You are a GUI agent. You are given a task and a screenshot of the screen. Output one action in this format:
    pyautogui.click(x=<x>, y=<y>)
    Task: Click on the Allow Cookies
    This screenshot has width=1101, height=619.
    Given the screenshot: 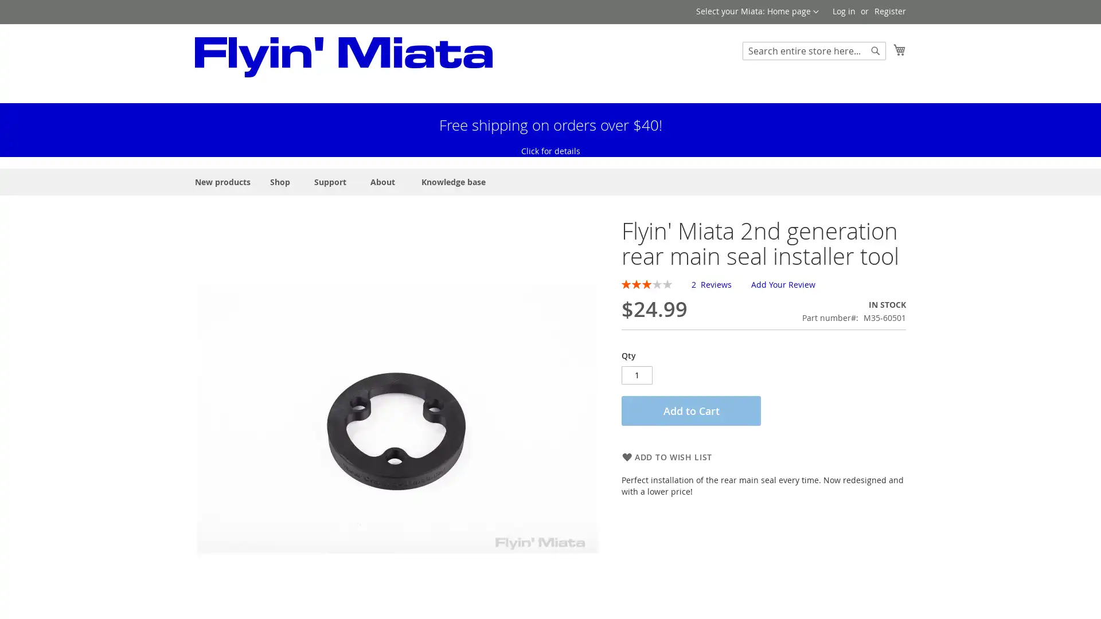 What is the action you would take?
    pyautogui.click(x=50, y=602)
    